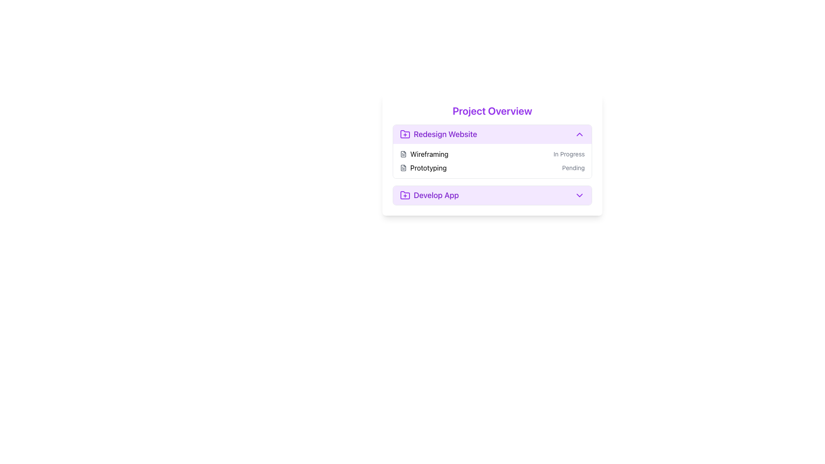 The height and width of the screenshot is (464, 825). Describe the element at coordinates (445, 134) in the screenshot. I see `the text label displaying the title 'Redesign Website' which is located inside the expandable section labeled 'Redesign Website' and is positioned below 'Project Overview'` at that location.